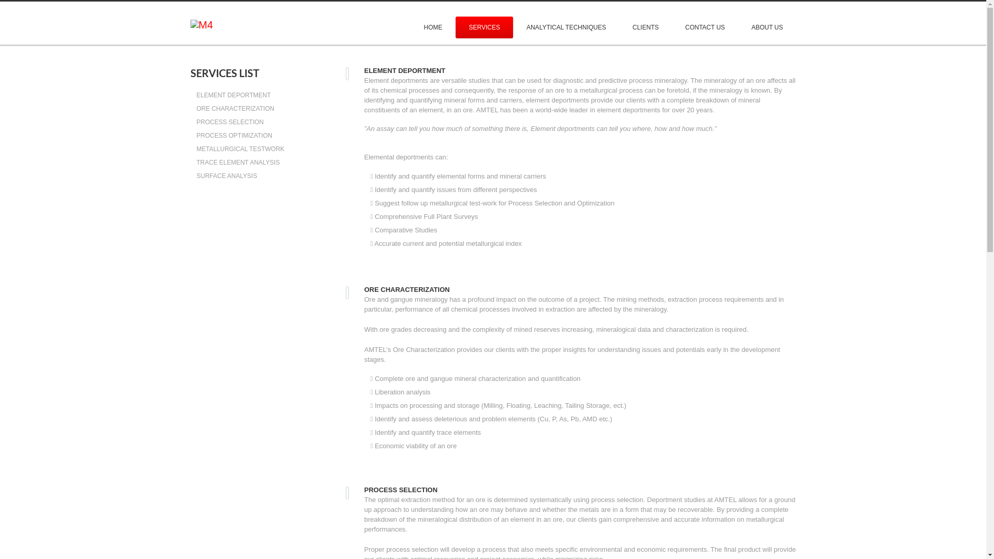 The image size is (994, 559). Describe the element at coordinates (233, 135) in the screenshot. I see `'PROCESS OPTIMIZATION'` at that location.